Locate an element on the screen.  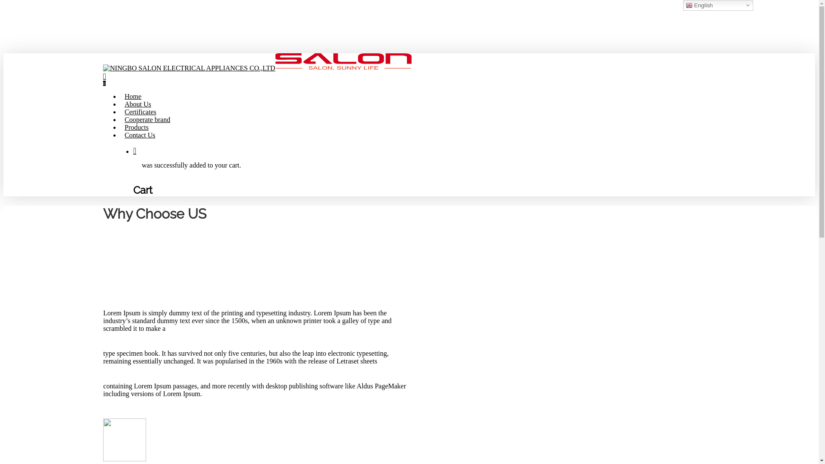
'Certificates' is located at coordinates (140, 111).